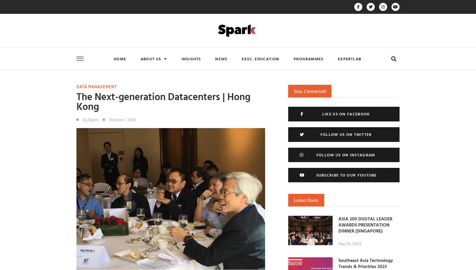 The image size is (476, 270). Describe the element at coordinates (150, 59) in the screenshot. I see `'About Us'` at that location.